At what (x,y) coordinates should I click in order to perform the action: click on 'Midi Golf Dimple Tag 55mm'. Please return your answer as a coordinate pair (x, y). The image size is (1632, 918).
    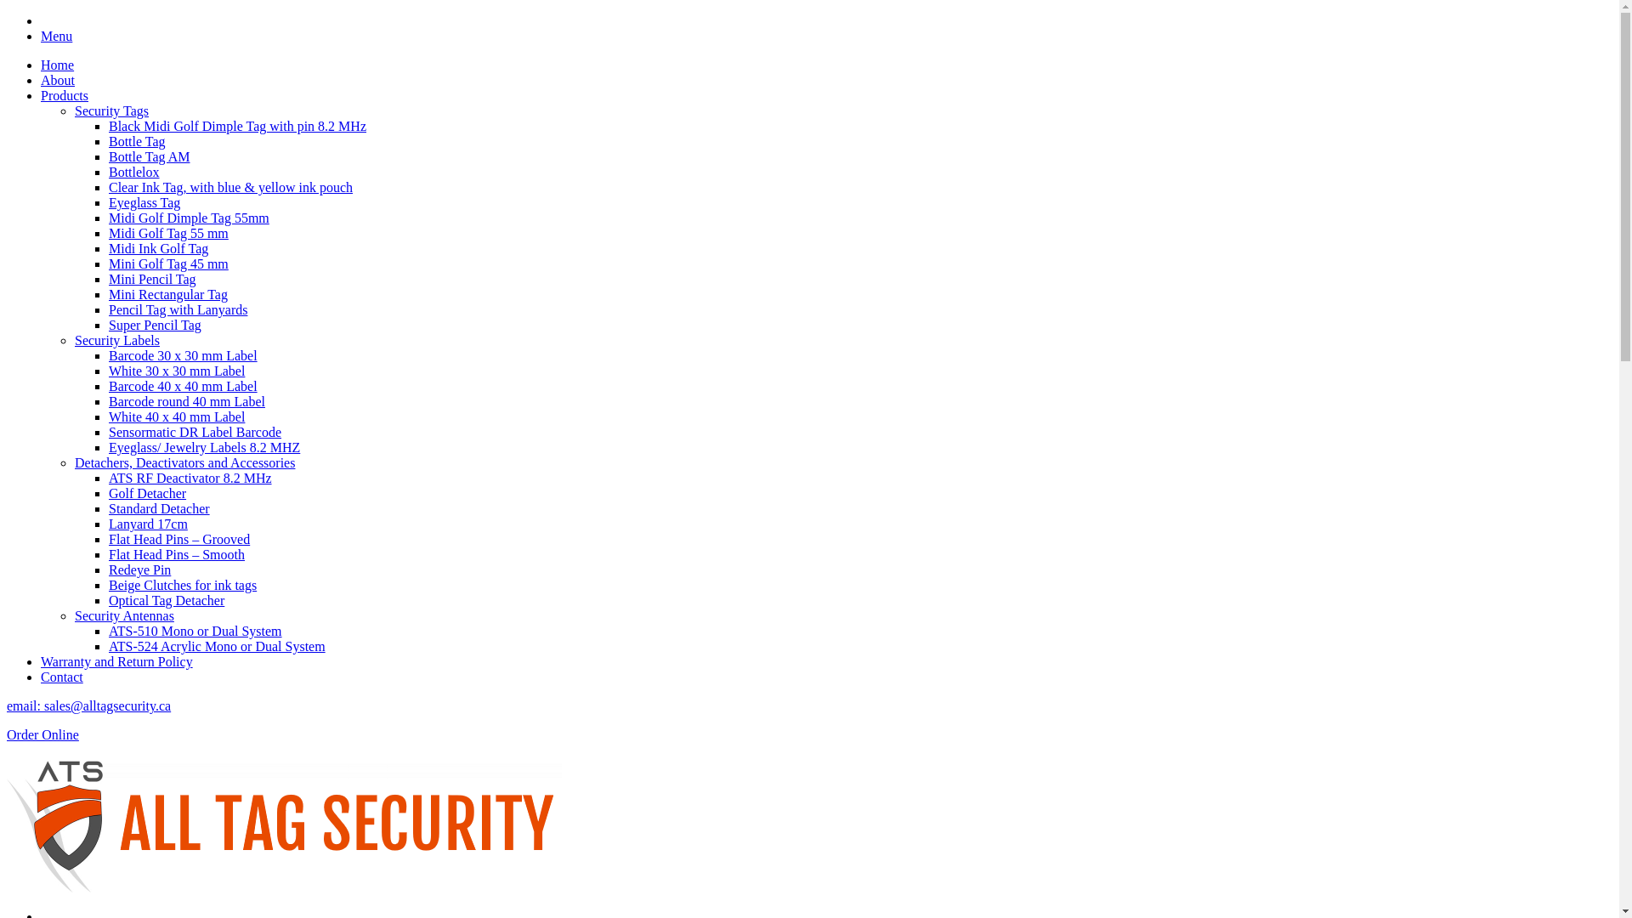
    Looking at the image, I should click on (189, 217).